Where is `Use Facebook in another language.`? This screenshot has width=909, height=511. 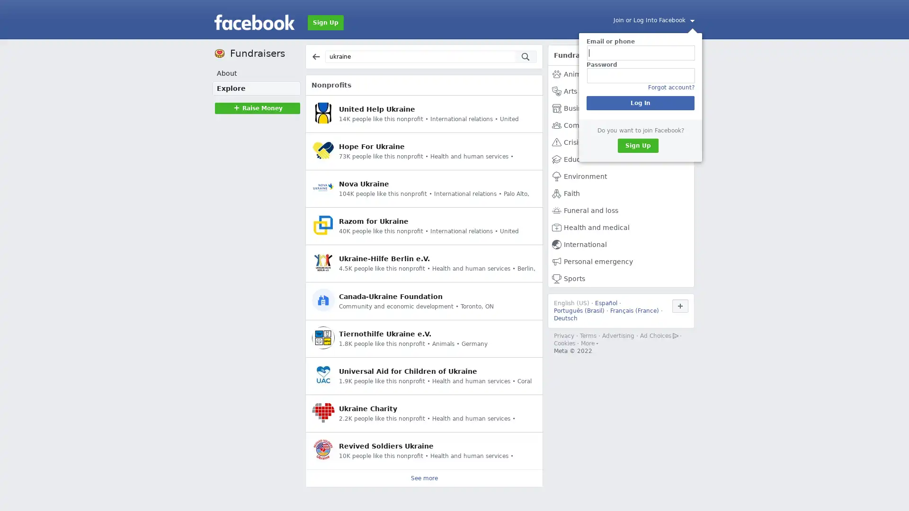
Use Facebook in another language. is located at coordinates (679, 306).